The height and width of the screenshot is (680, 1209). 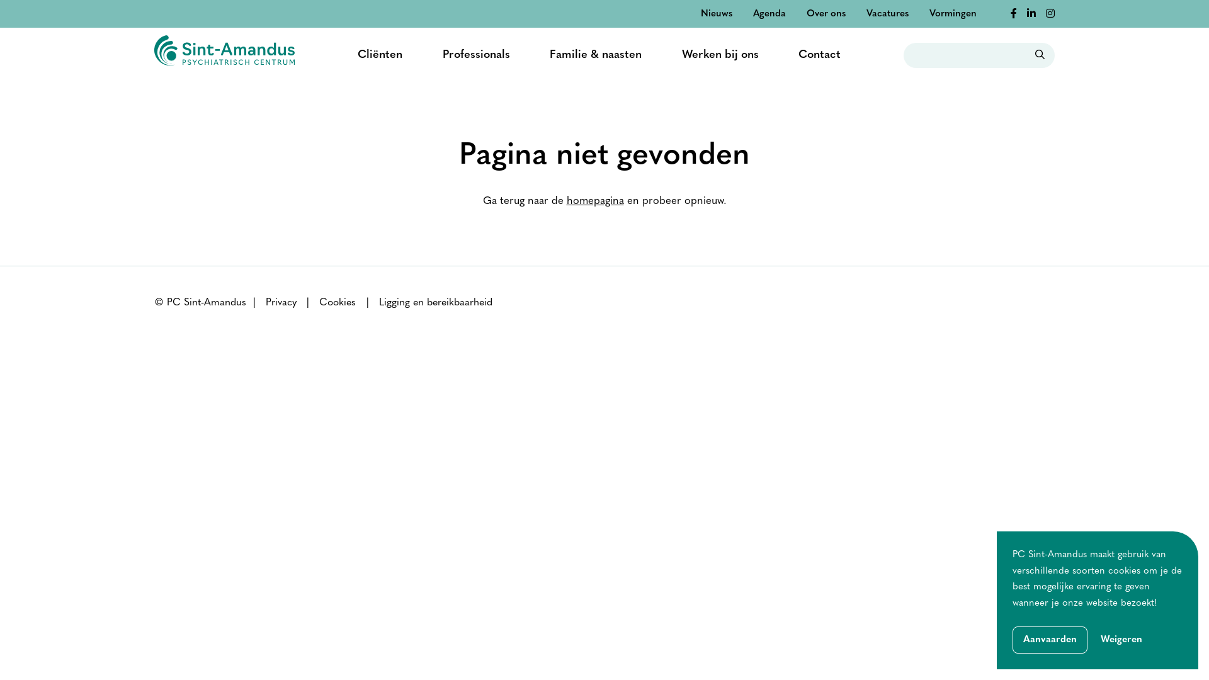 I want to click on 'Familie & naasten', so click(x=594, y=55).